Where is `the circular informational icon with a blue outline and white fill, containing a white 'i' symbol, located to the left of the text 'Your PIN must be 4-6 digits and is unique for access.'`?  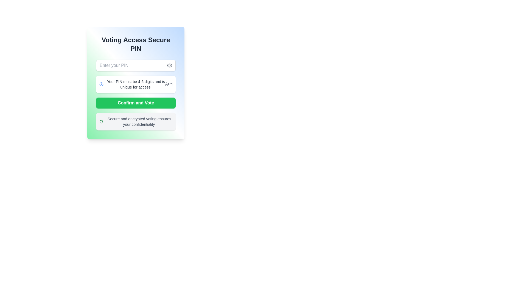 the circular informational icon with a blue outline and white fill, containing a white 'i' symbol, located to the left of the text 'Your PIN must be 4-6 digits and is unique for access.' is located at coordinates (101, 84).